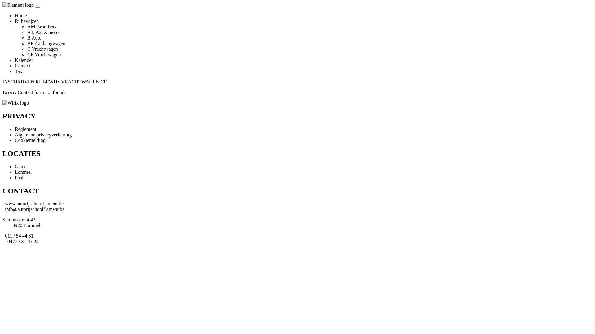  Describe the element at coordinates (19, 71) in the screenshot. I see `'Taxi'` at that location.